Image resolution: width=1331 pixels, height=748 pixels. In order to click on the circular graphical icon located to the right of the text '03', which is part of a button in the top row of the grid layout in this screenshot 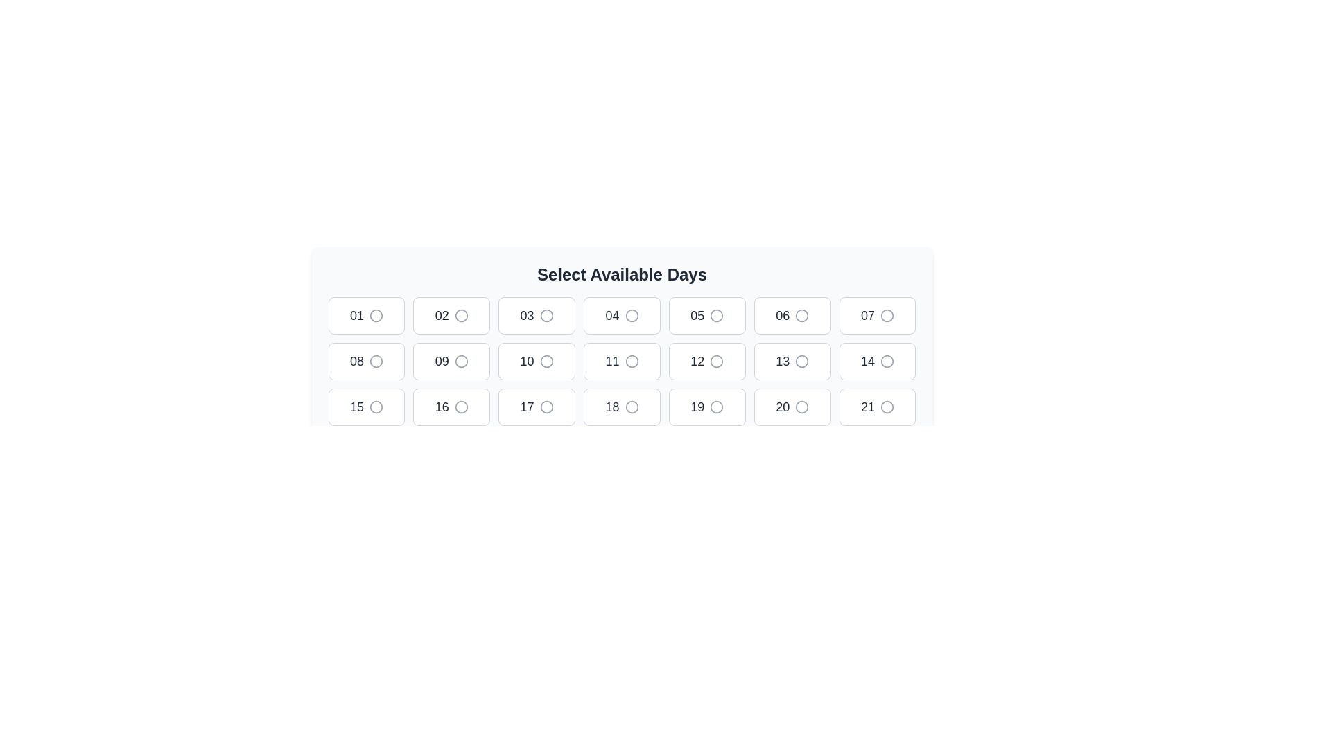, I will do `click(546, 315)`.